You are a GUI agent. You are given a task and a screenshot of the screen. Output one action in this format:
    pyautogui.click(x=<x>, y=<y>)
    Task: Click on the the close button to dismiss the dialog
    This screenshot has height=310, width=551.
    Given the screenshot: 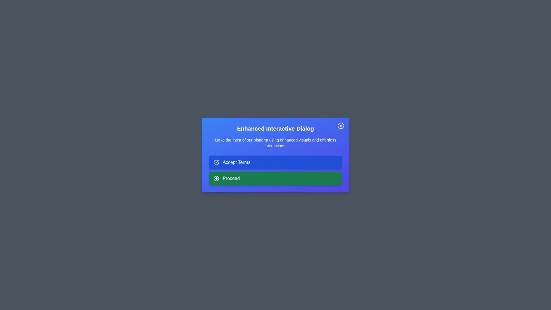 What is the action you would take?
    pyautogui.click(x=341, y=125)
    